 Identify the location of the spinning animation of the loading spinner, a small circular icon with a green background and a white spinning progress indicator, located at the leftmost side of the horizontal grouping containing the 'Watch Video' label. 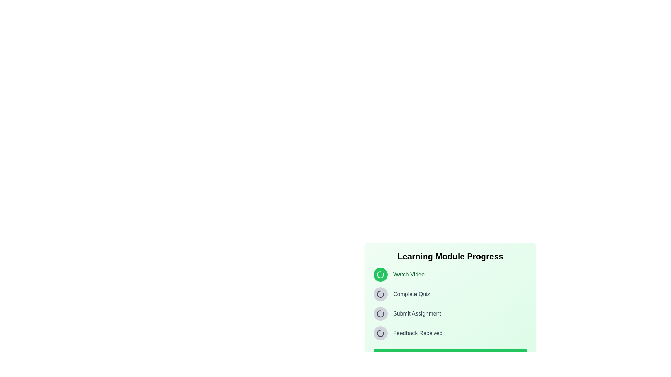
(380, 274).